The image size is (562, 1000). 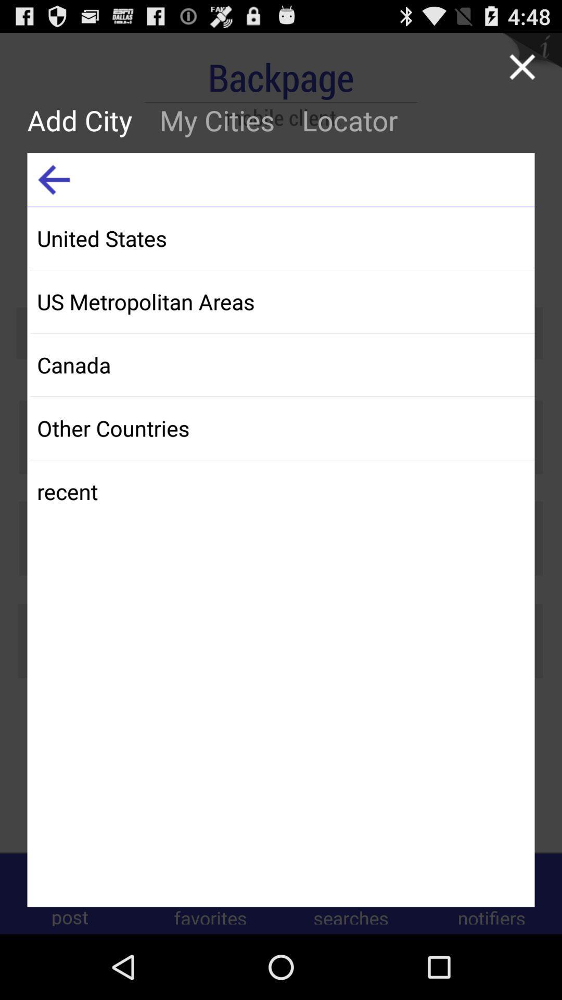 What do you see at coordinates (282, 428) in the screenshot?
I see `the item below canada` at bounding box center [282, 428].